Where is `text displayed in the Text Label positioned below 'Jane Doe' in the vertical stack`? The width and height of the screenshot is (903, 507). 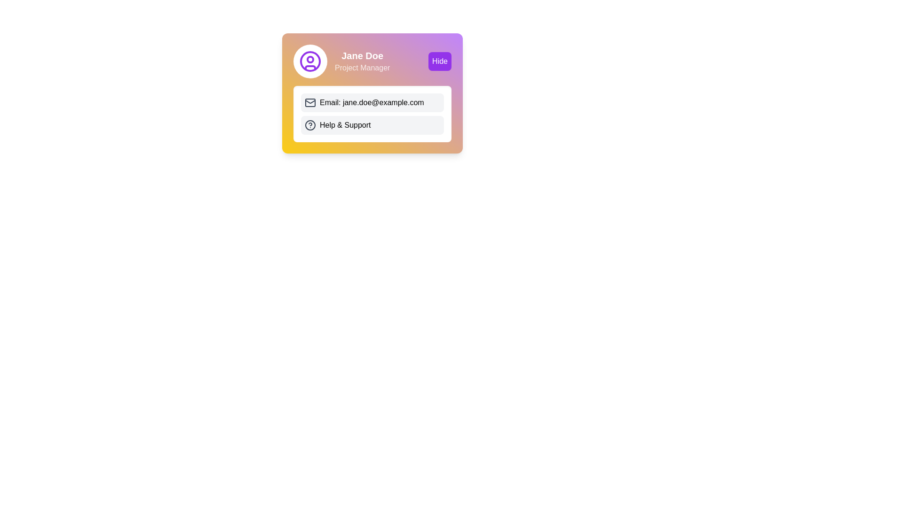 text displayed in the Text Label positioned below 'Jane Doe' in the vertical stack is located at coordinates (362, 68).